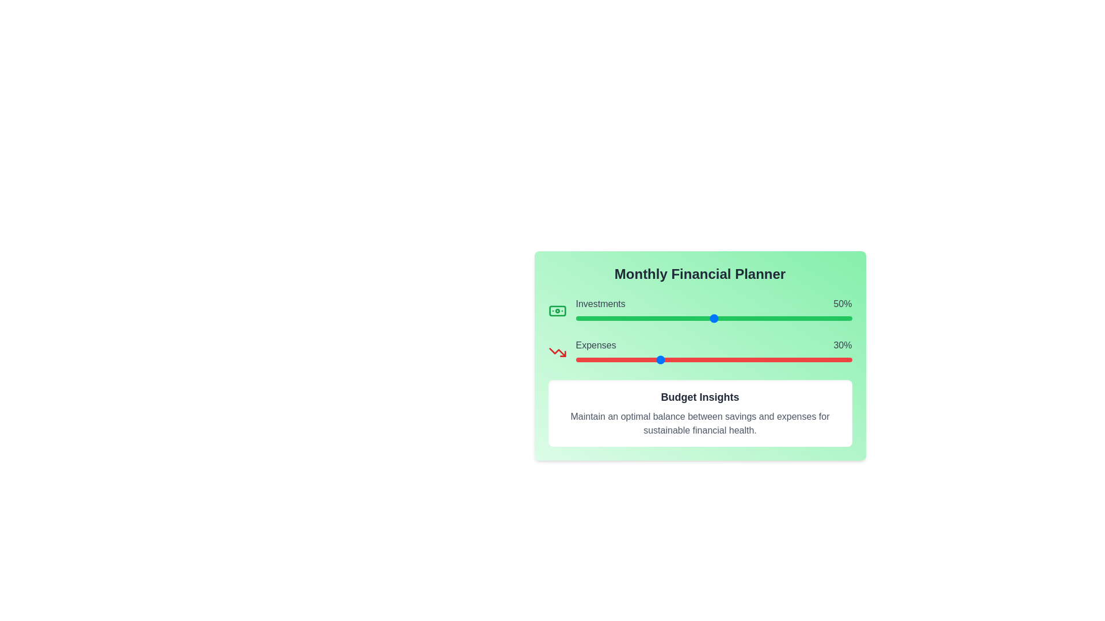 This screenshot has width=1105, height=621. Describe the element at coordinates (721, 359) in the screenshot. I see `the 'Expenses' slider to set its value to 53%` at that location.